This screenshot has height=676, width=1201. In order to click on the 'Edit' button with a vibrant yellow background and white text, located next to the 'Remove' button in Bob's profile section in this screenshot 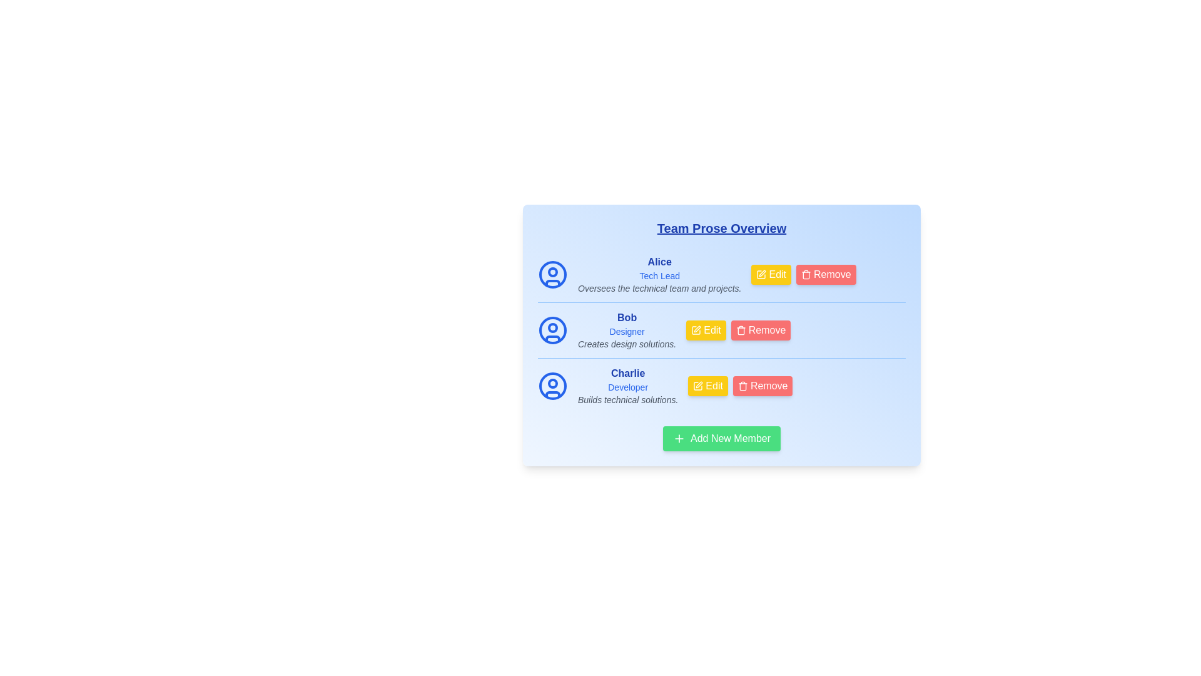, I will do `click(706, 330)`.